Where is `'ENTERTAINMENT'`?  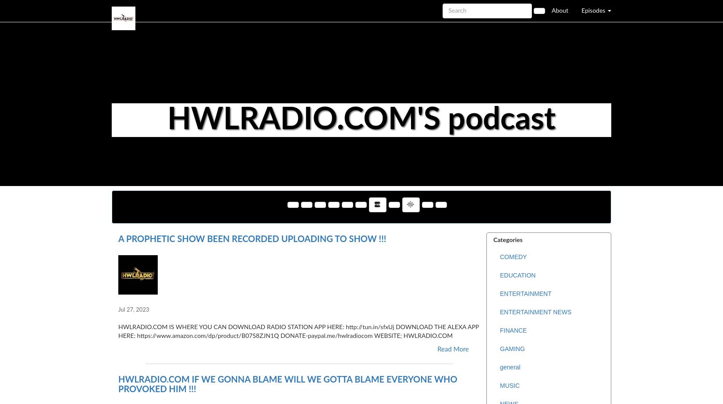
'ENTERTAINMENT' is located at coordinates (525, 293).